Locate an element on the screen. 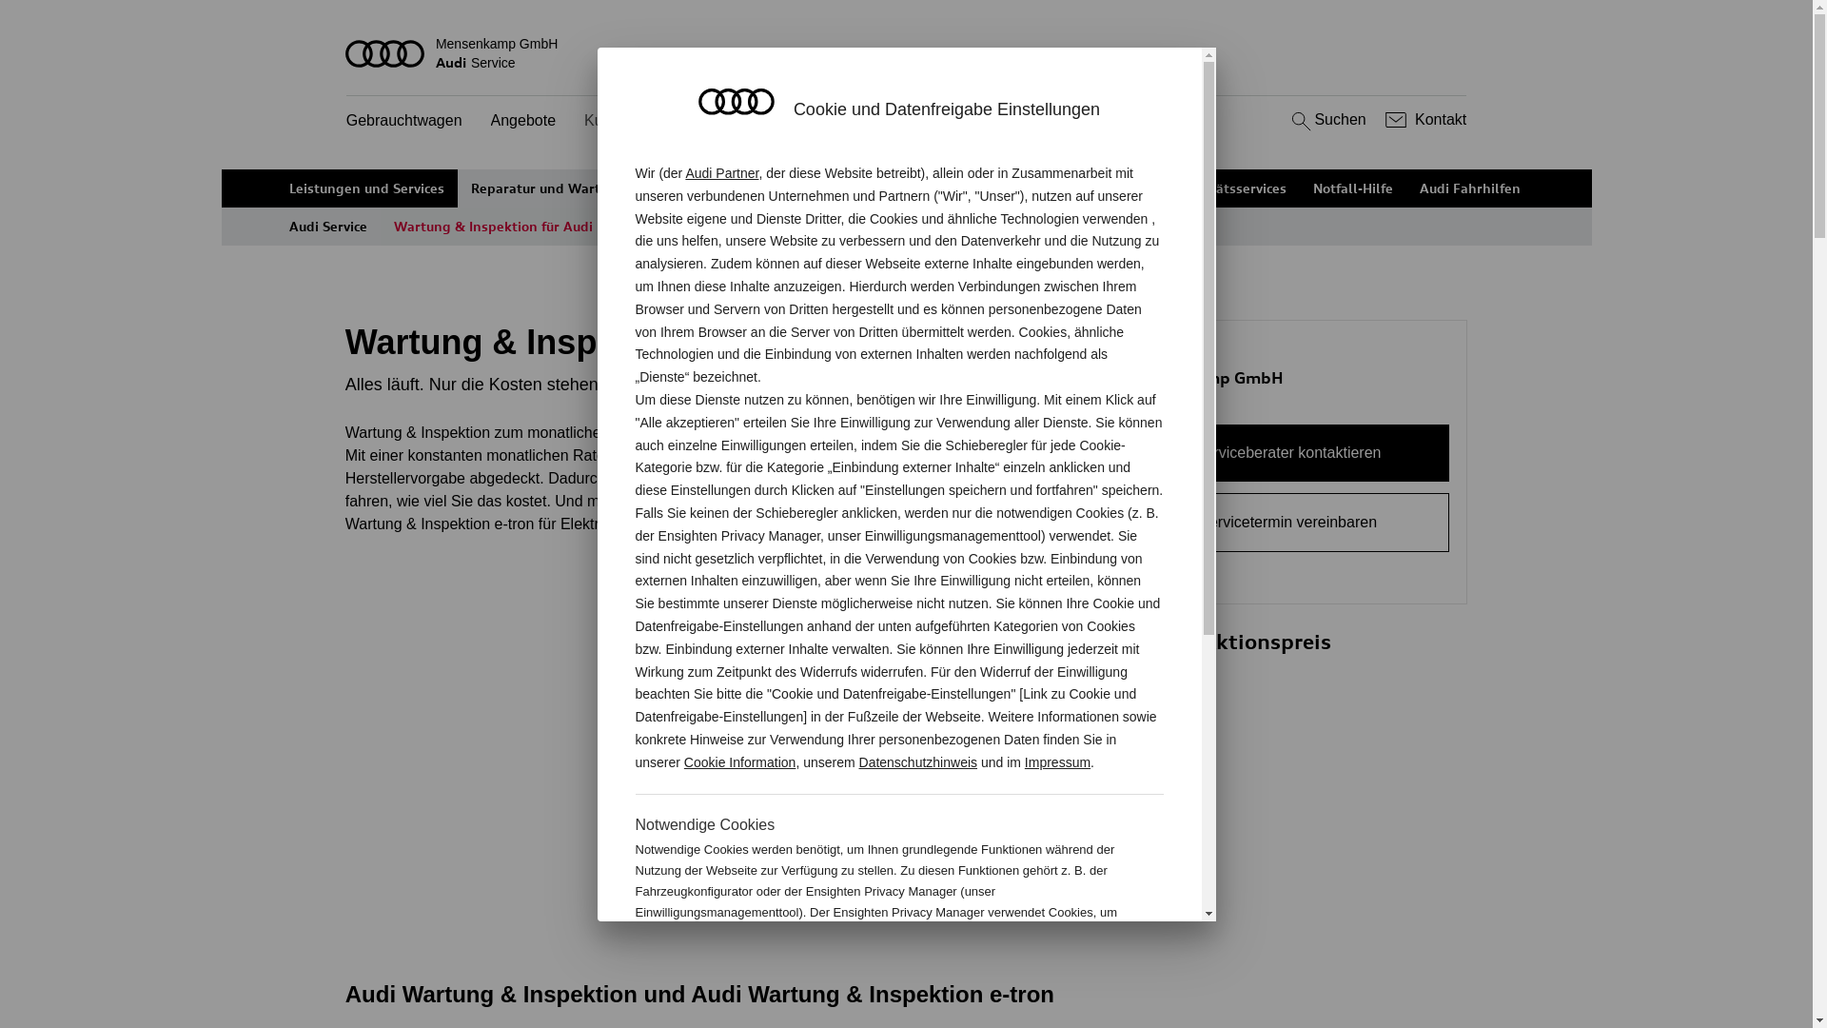 This screenshot has width=1827, height=1028. 'Gebrauchtwagen' is located at coordinates (403, 121).